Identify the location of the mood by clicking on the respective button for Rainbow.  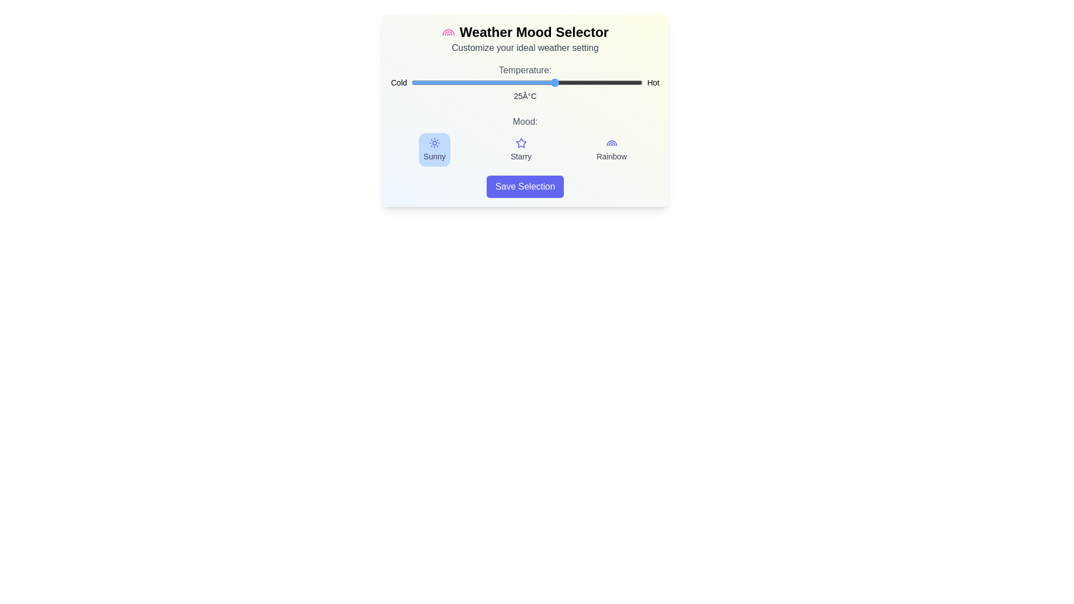
(611, 149).